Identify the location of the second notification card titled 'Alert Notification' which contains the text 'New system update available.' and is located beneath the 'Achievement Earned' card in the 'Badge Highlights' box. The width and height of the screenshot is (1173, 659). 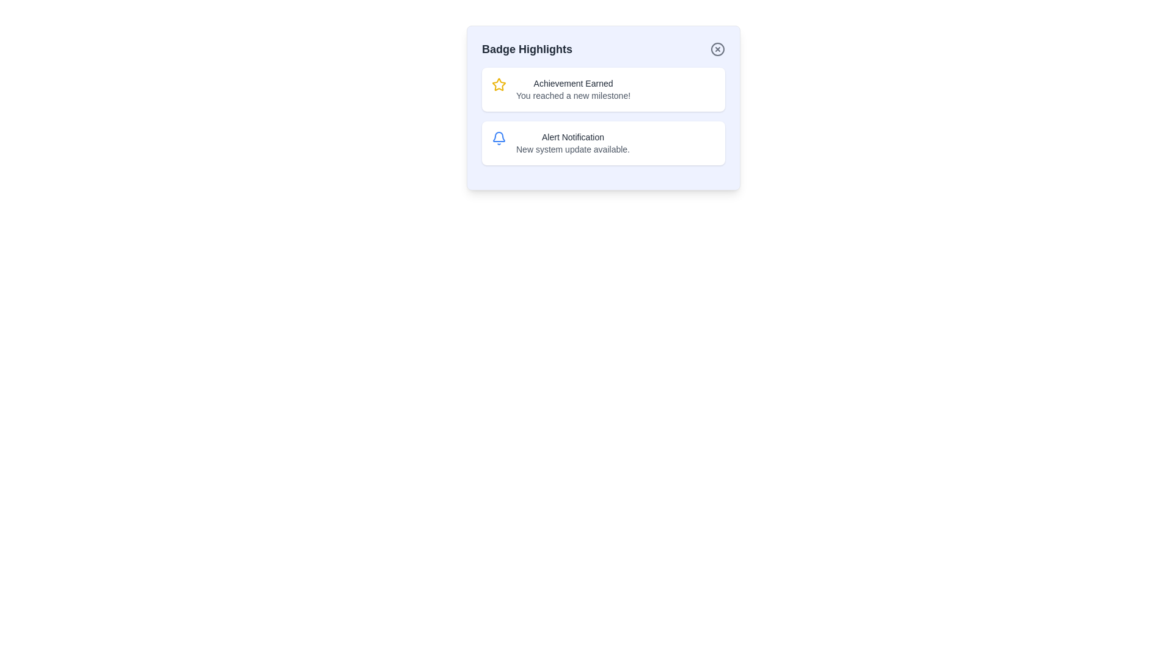
(604, 143).